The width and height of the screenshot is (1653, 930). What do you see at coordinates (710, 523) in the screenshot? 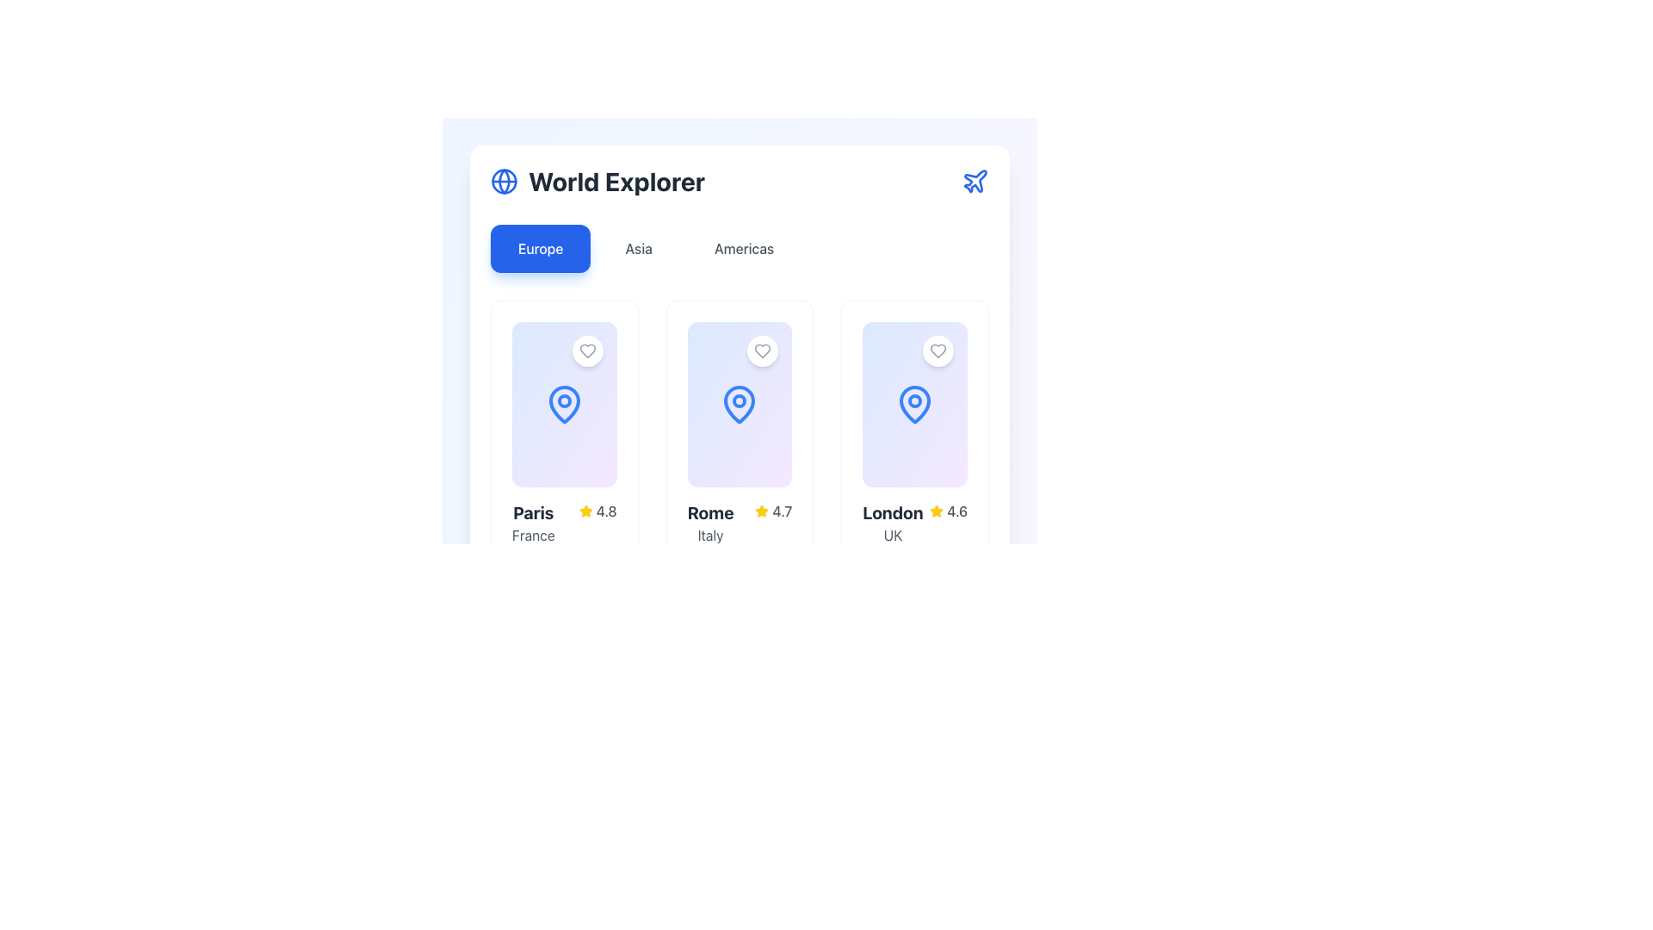
I see `the Composite text label displaying 'Rome' and its location 'Italy', located centrally in the second card of the Europe section in the World Explorer interface, positioned just above the associated rating and icon` at bounding box center [710, 523].